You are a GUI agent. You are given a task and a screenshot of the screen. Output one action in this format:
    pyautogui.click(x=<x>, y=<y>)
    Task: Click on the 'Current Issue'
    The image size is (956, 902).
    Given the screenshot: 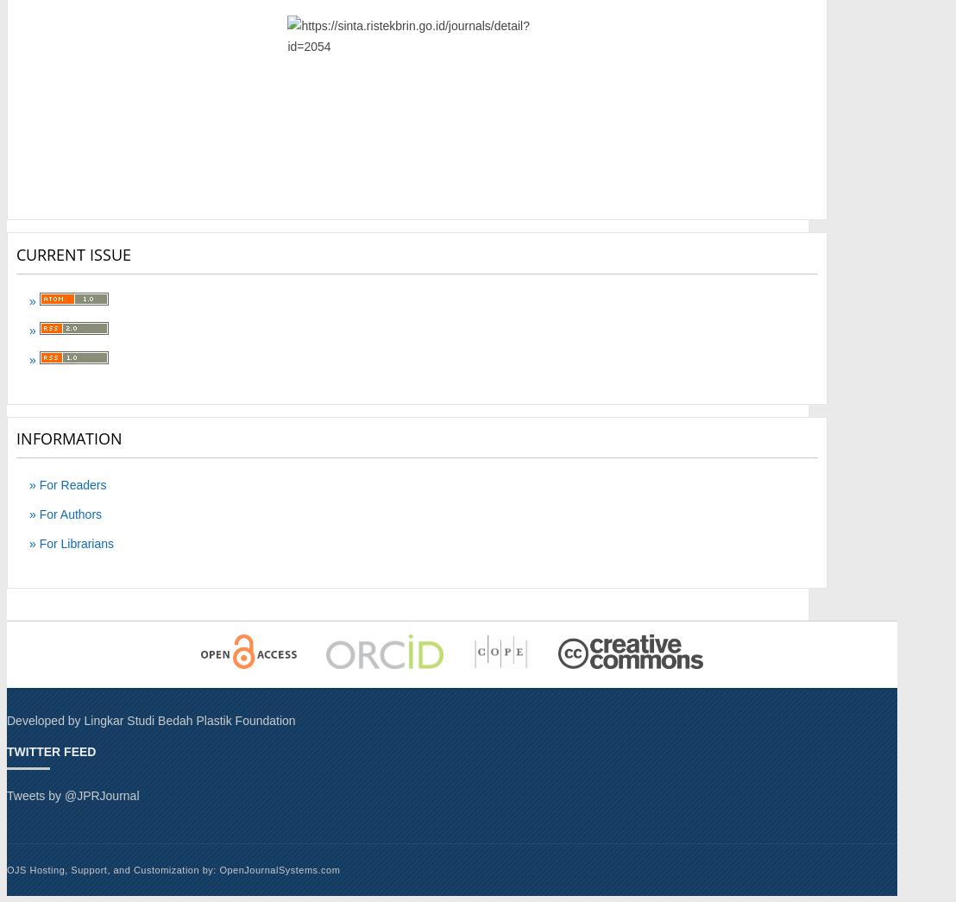 What is the action you would take?
    pyautogui.click(x=16, y=253)
    